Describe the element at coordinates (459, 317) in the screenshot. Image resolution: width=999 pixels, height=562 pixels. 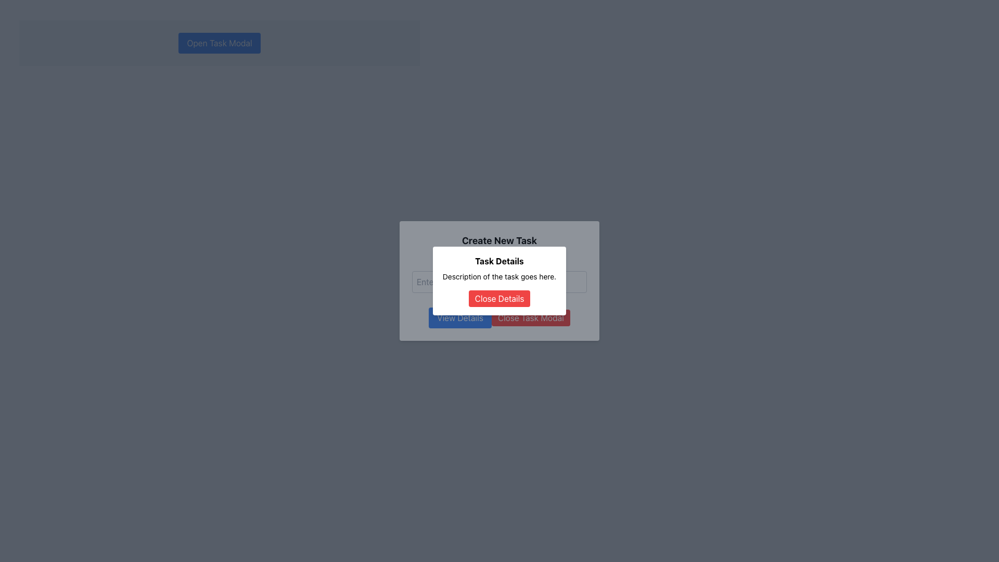
I see `the 'View Details' button, which is a rectangular button with a blue background and rounded corners, located inside the 'Create New Task' modal below the 'Task Name:' input field` at that location.